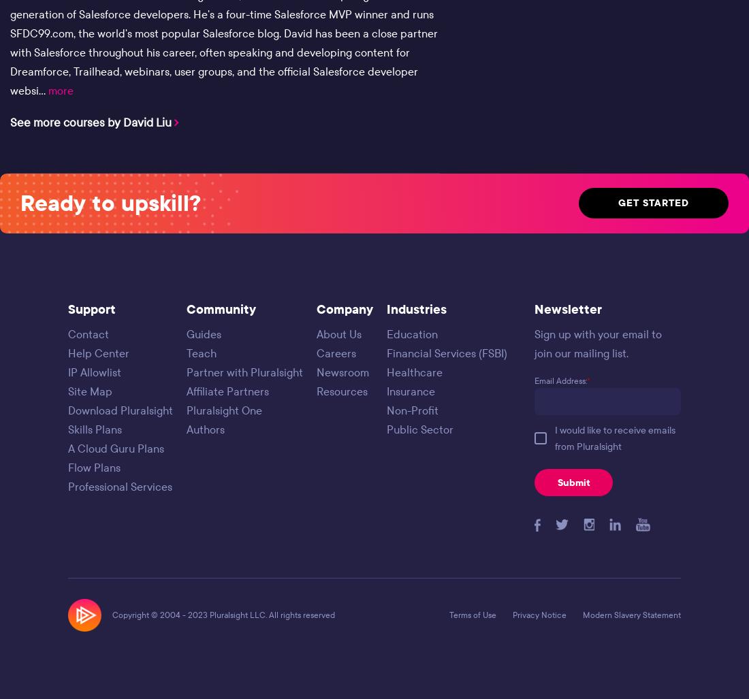  What do you see at coordinates (43, 90) in the screenshot?
I see `'...'` at bounding box center [43, 90].